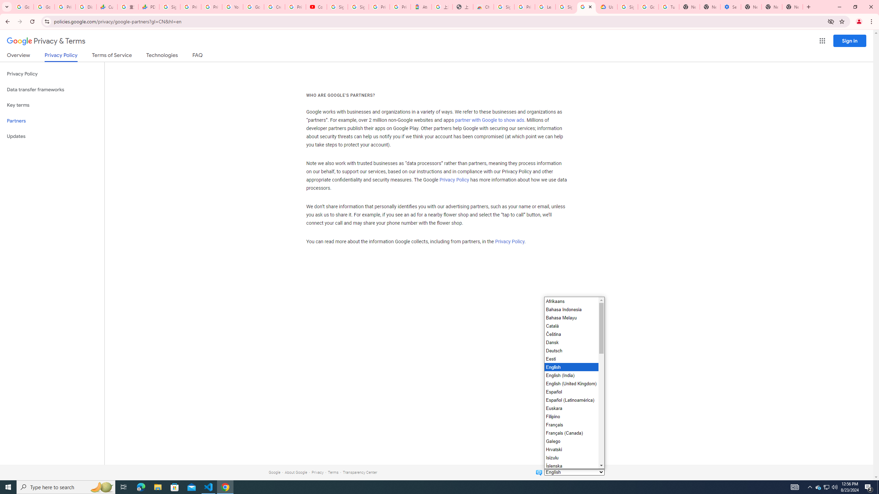 This screenshot has width=879, height=494. I want to click on 'Bahasa Melayu', so click(571, 317).